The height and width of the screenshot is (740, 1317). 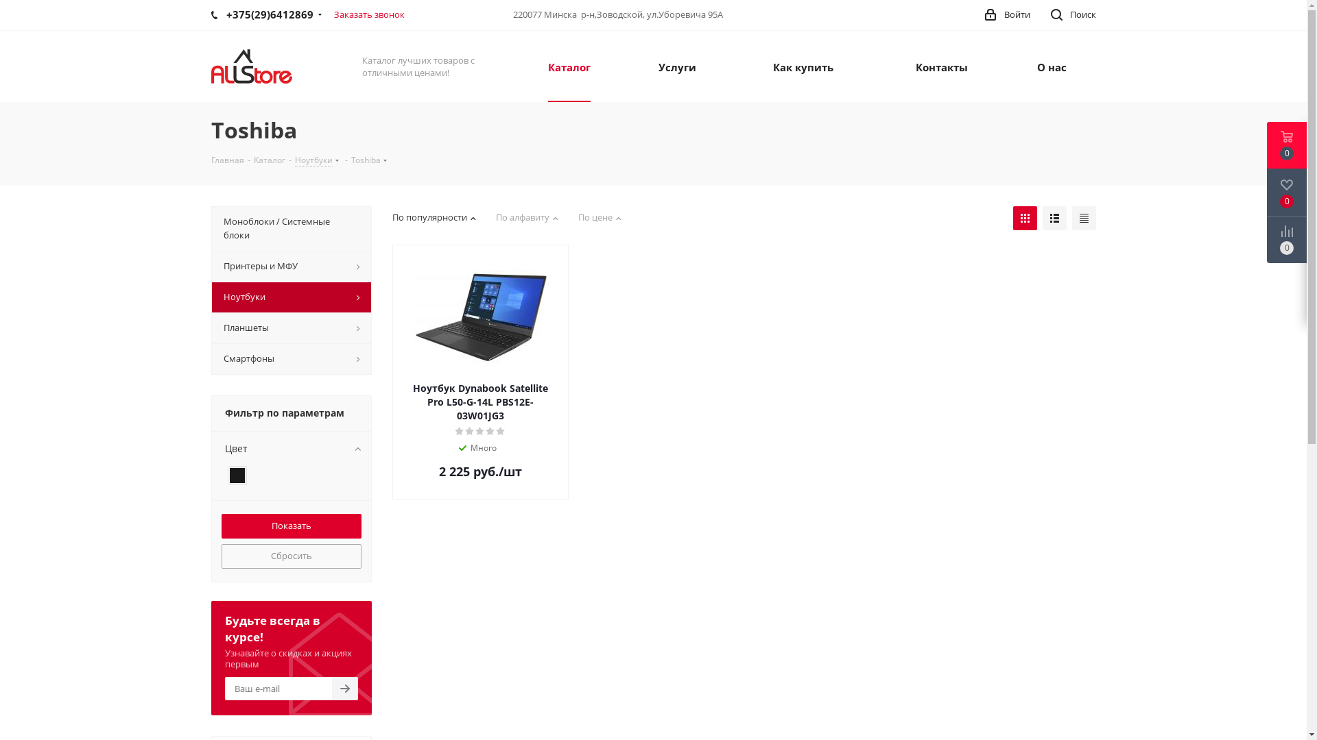 What do you see at coordinates (480, 430) in the screenshot?
I see `'3'` at bounding box center [480, 430].